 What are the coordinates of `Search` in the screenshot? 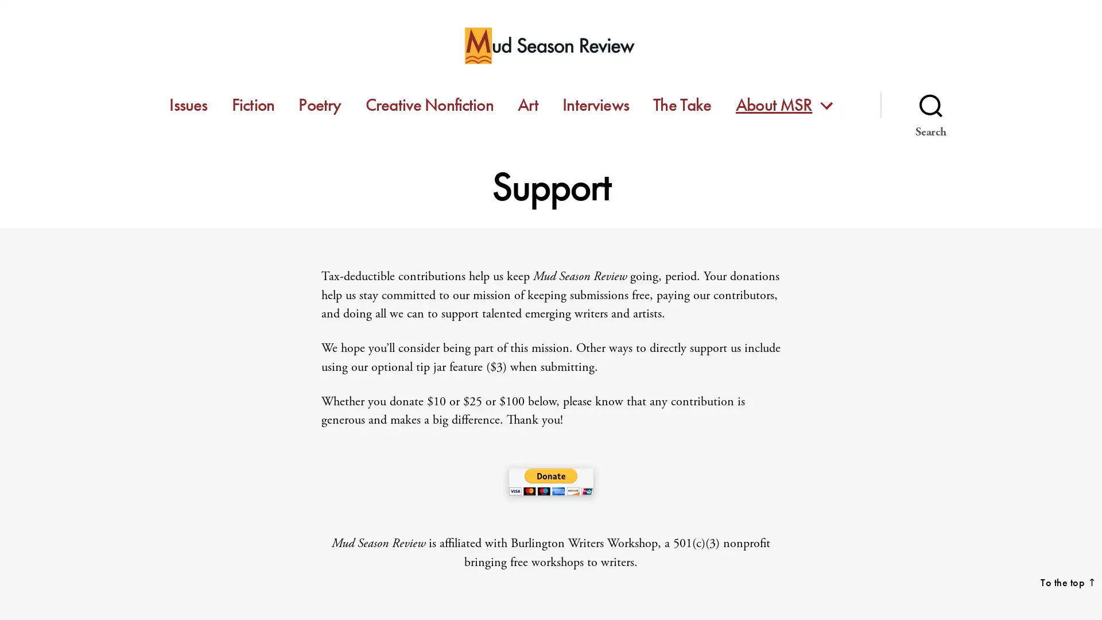 It's located at (930, 104).